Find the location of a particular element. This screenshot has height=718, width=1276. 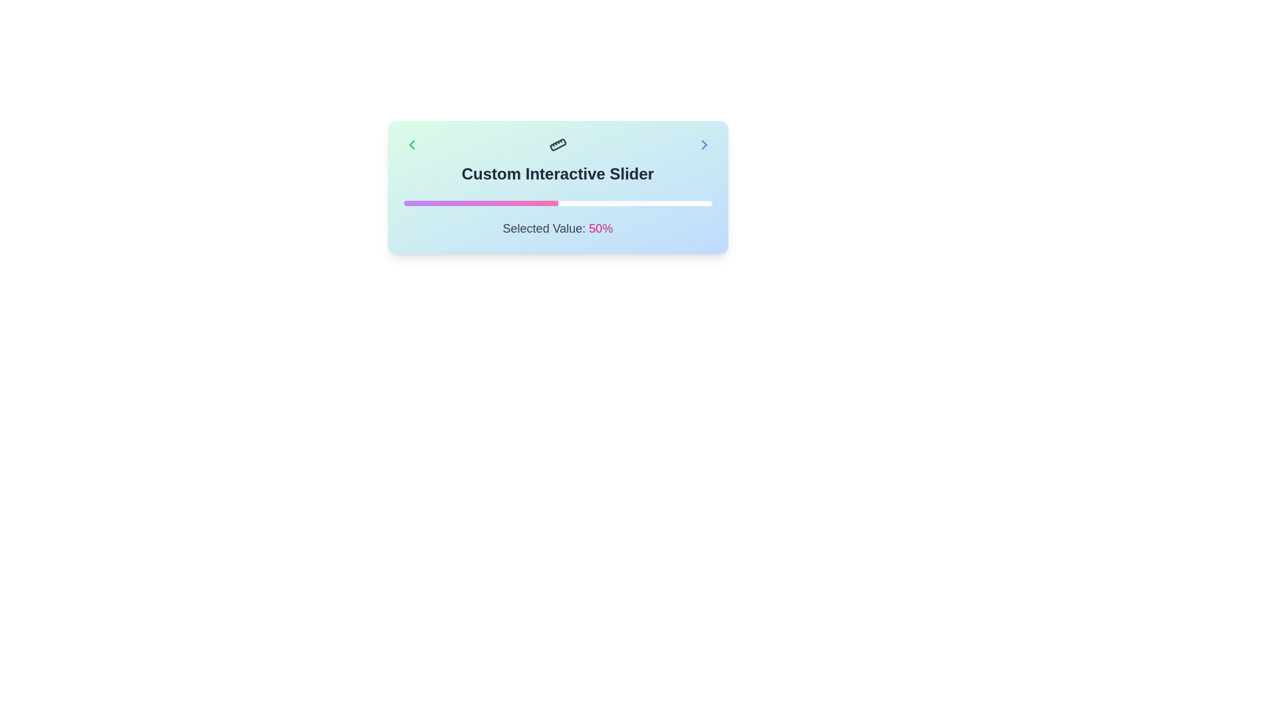

the chevron icon located at the right corner of the horizontal navigation bar is located at coordinates (703, 145).